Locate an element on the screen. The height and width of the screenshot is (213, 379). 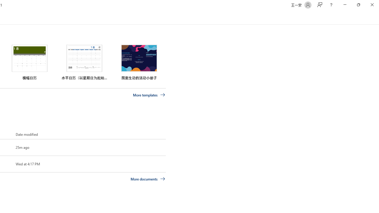
'Restore Down' is located at coordinates (358, 5).